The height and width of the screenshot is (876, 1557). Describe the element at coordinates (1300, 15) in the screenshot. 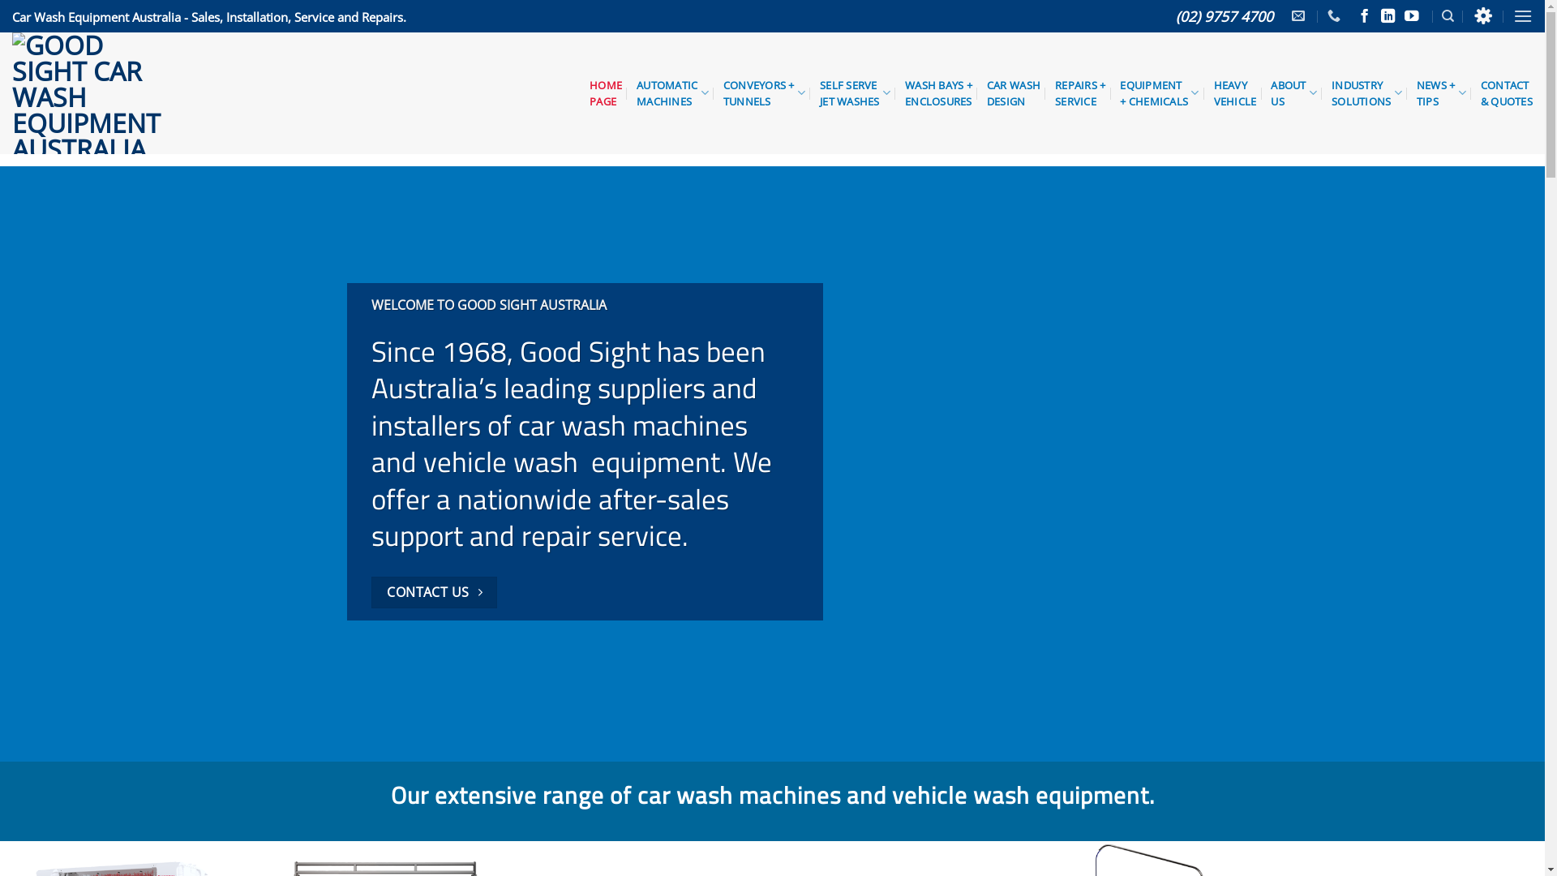

I see `'sales@goodsight.com.au'` at that location.